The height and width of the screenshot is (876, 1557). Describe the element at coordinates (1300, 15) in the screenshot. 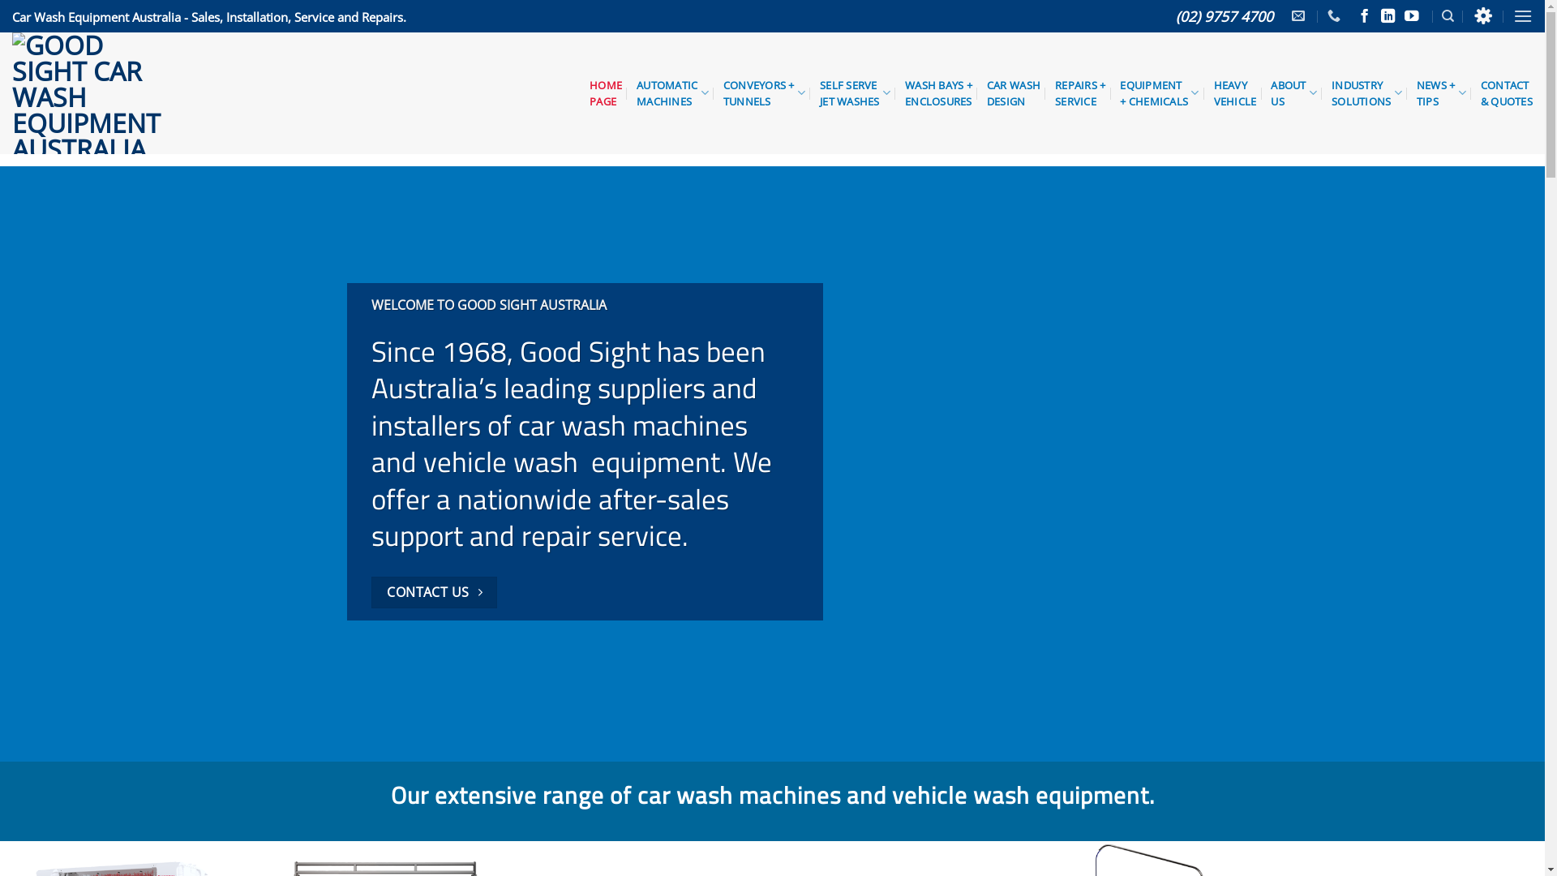

I see `'sales@goodsight.com.au'` at that location.